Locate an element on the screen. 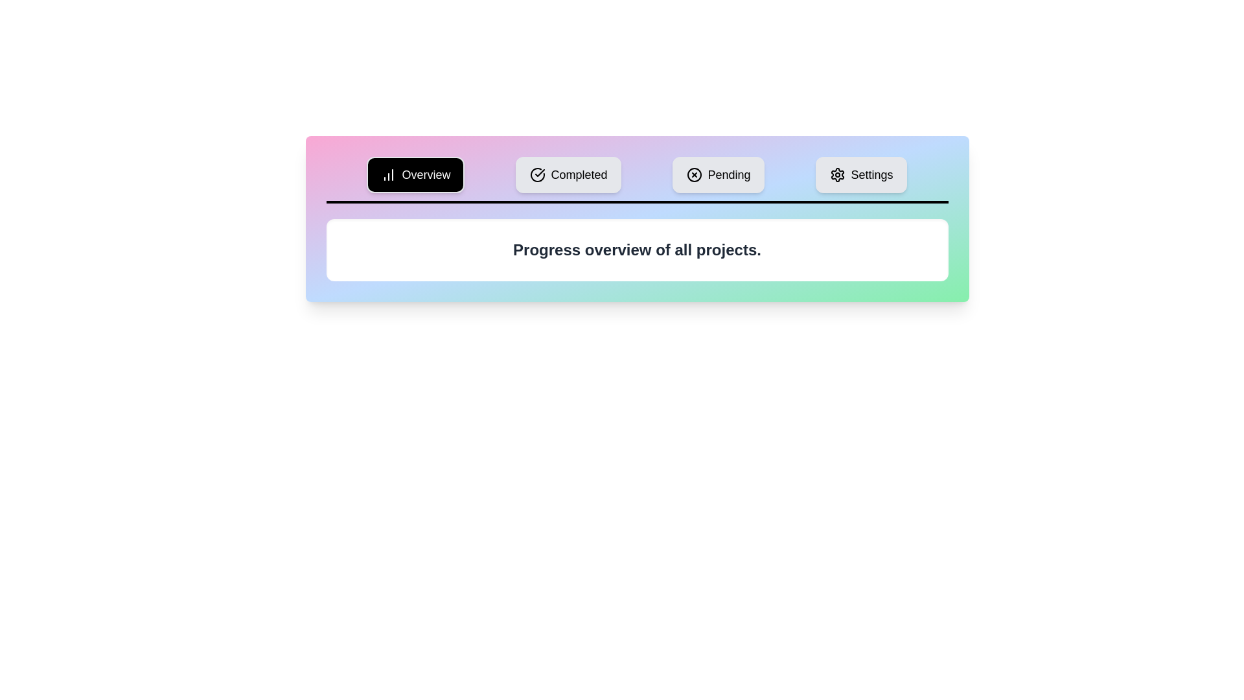 The image size is (1244, 700). the tab labeled Settings is located at coordinates (861, 175).